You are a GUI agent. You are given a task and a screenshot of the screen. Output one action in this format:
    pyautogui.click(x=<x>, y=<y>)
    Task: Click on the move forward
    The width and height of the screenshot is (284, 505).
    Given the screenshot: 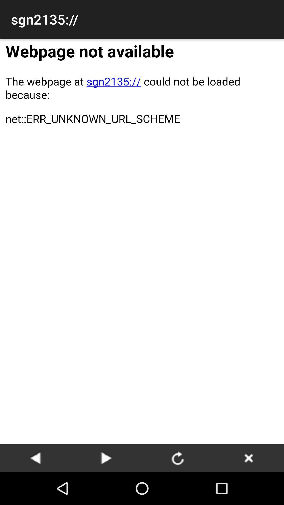 What is the action you would take?
    pyautogui.click(x=106, y=458)
    